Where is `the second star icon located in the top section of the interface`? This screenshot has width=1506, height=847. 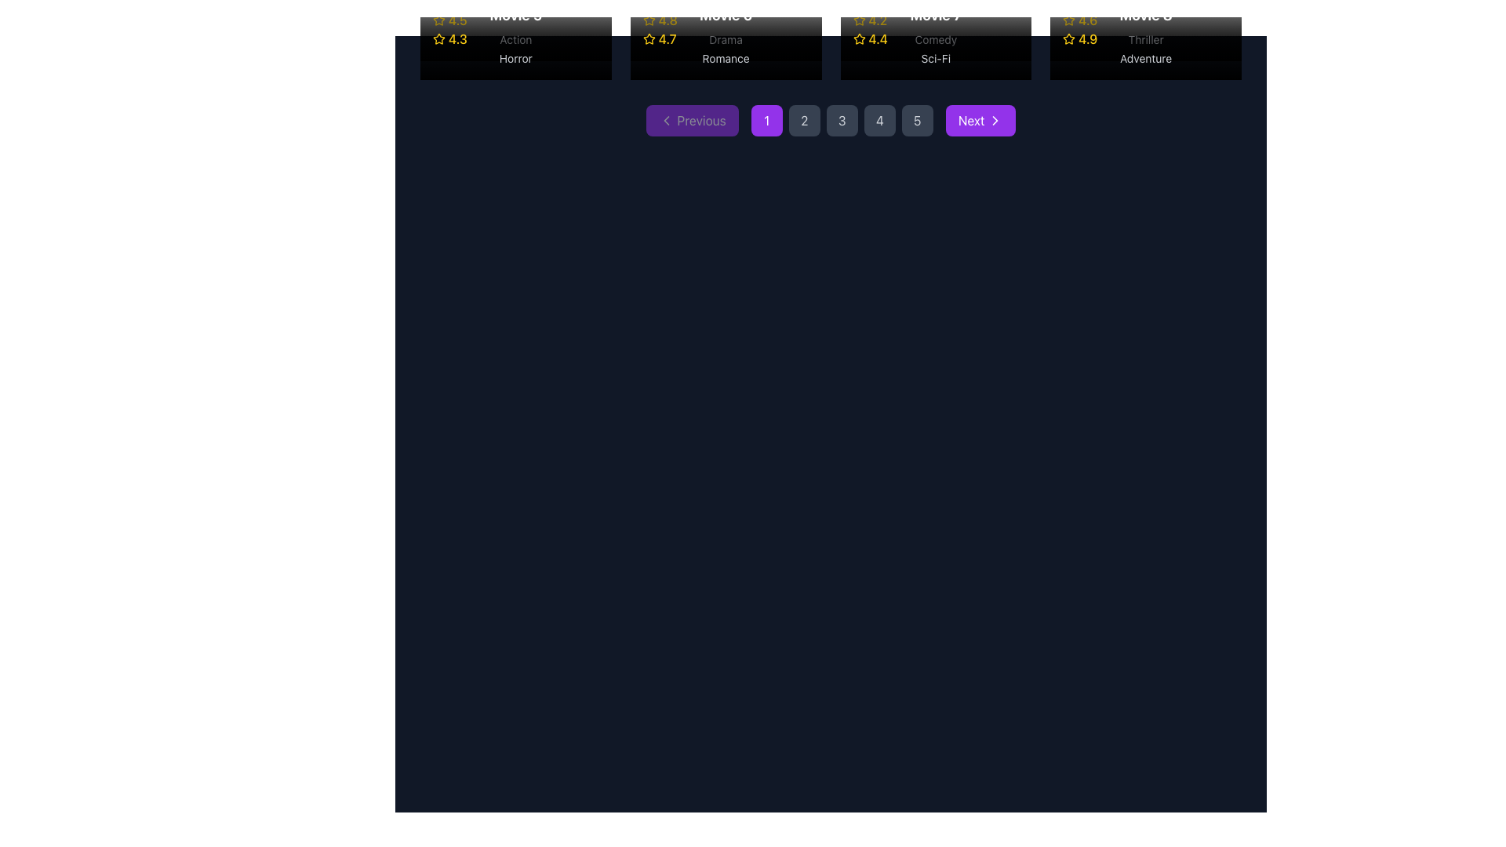 the second star icon located in the top section of the interface is located at coordinates (649, 38).